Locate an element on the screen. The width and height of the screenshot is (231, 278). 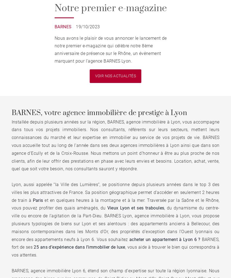
'Lyon, aussi appelée “la Ville des Lumières”, se positionne depuis plusieurs années dans le top 3 des villes les plus attractives de France. Sa position géographique permet d’accéder en seulement 2 heures de train à' is located at coordinates (115, 192).